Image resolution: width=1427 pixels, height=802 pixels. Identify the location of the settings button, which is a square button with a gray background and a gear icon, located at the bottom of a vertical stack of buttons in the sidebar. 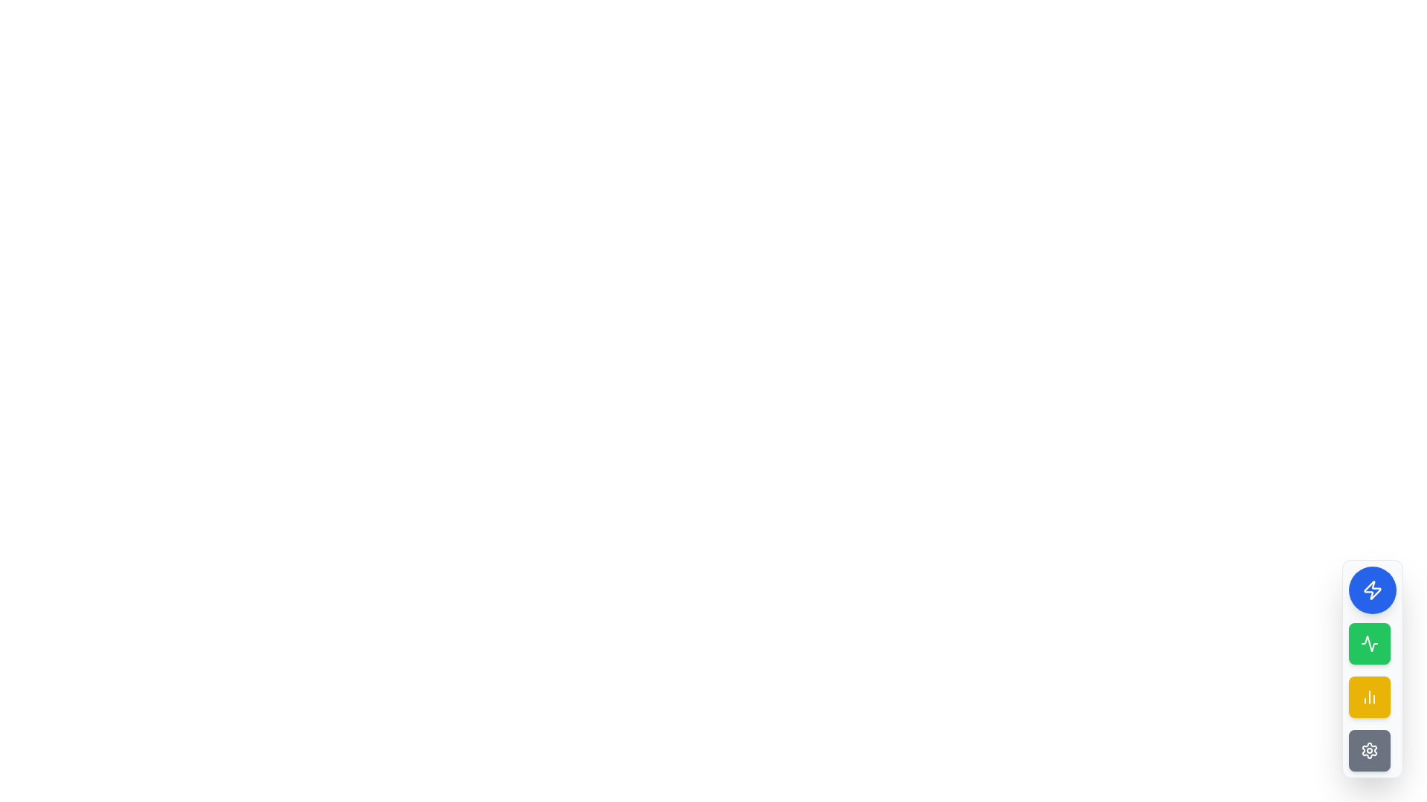
(1369, 750).